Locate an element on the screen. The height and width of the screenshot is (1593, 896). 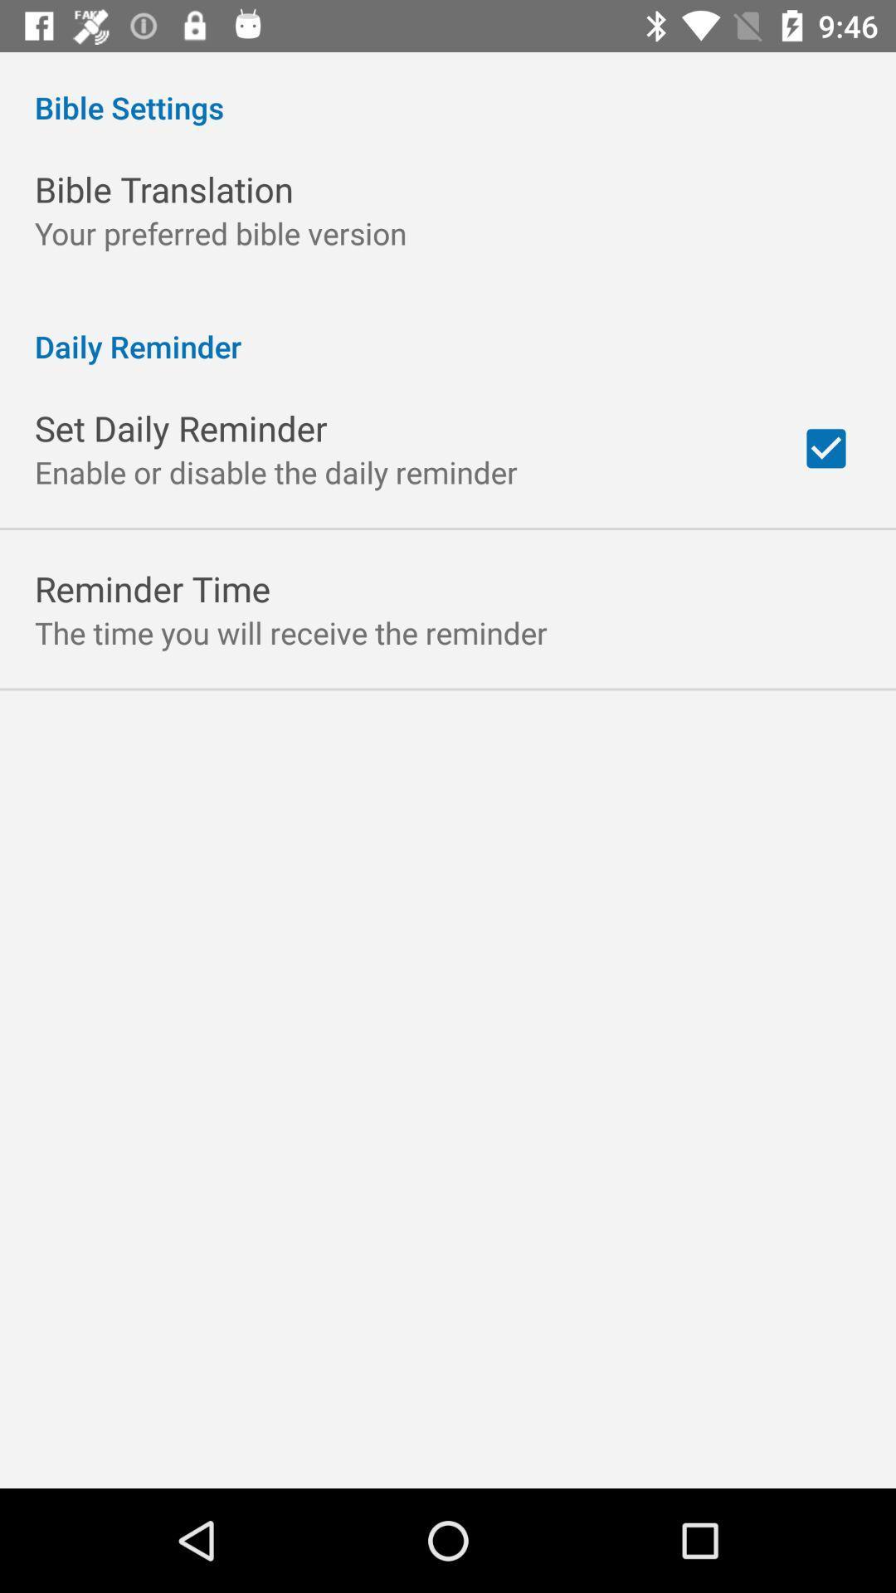
the app to the right of enable or disable app is located at coordinates (825, 448).